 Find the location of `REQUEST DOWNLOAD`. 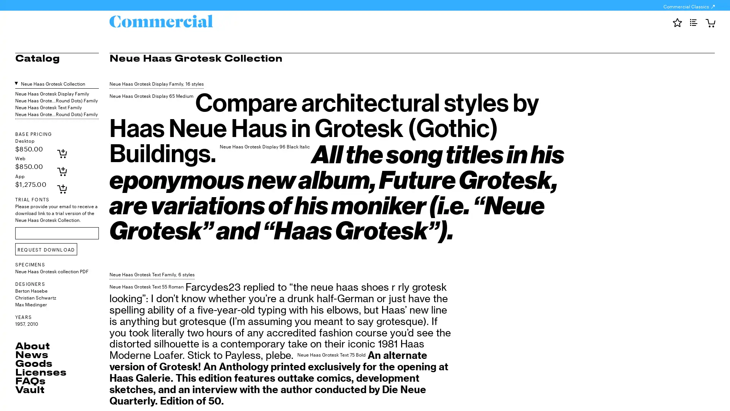

REQUEST DOWNLOAD is located at coordinates (46, 249).